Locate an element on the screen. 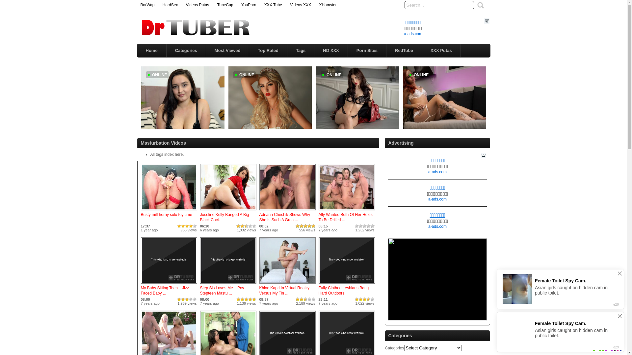  'HardSex' is located at coordinates (170, 5).